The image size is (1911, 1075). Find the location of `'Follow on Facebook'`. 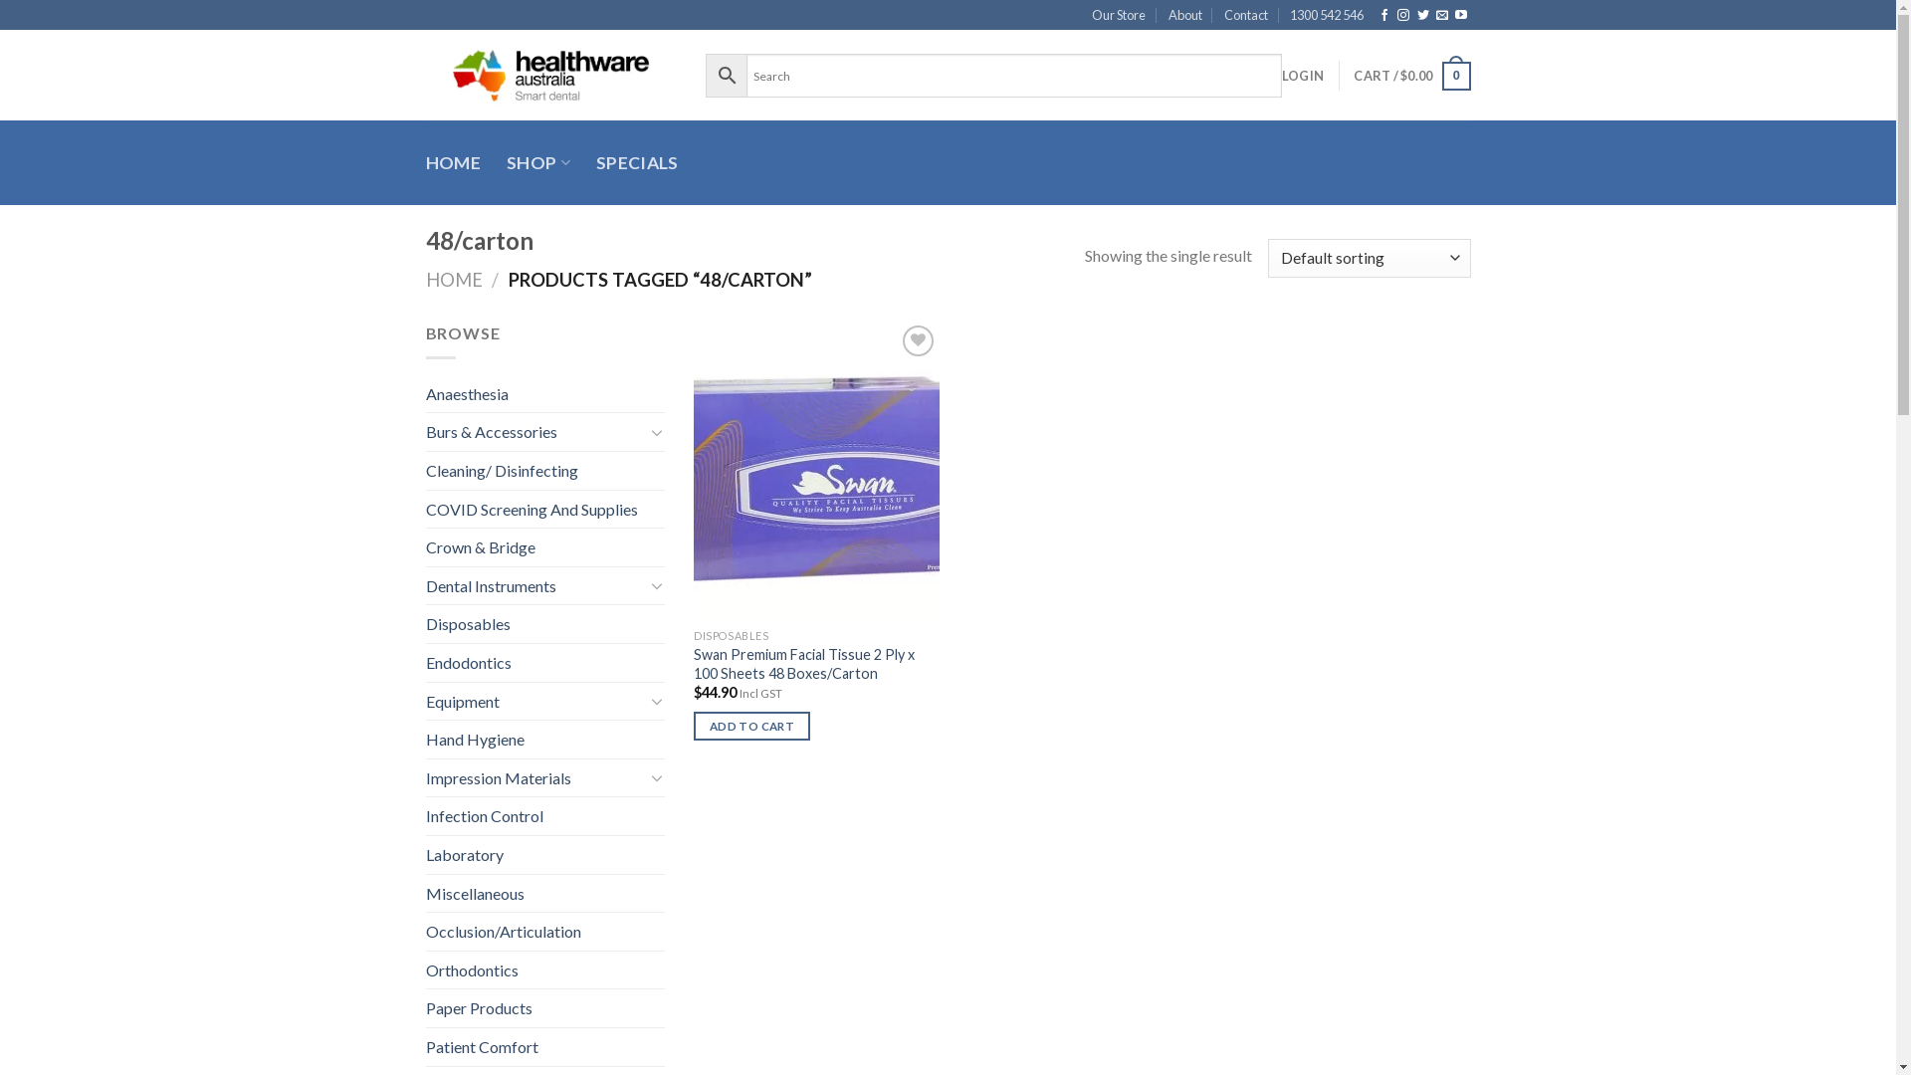

'Follow on Facebook' is located at coordinates (1383, 15).